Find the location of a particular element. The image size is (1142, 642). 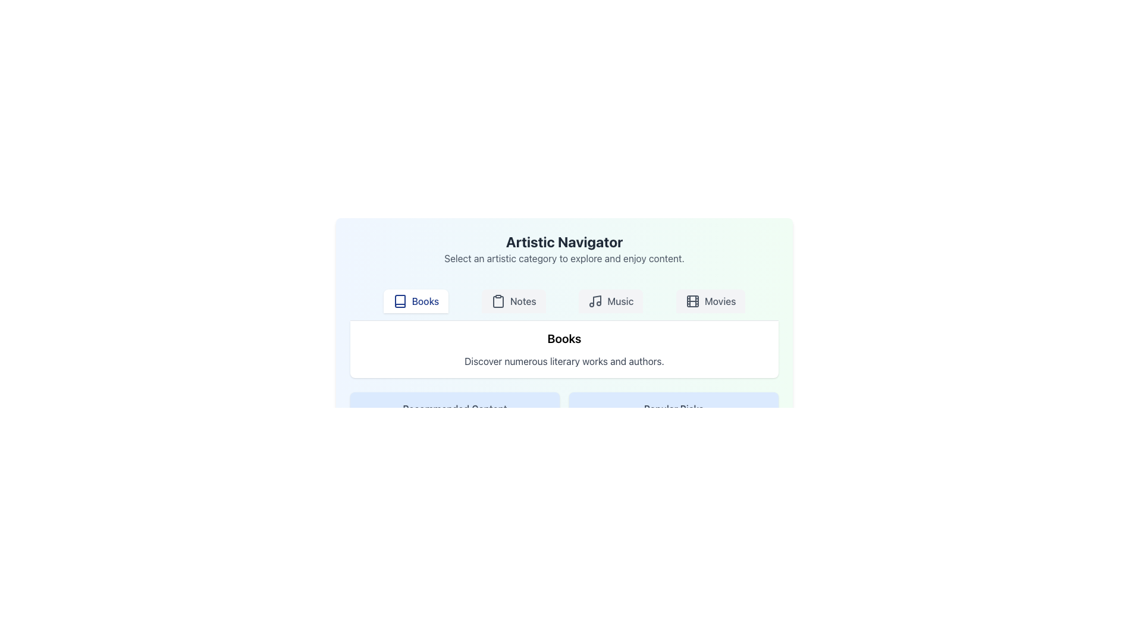

the third card in the two-column layout, which serves to inform users about new releases and acts as a navigation link to the New Releases section is located at coordinates (454, 469).